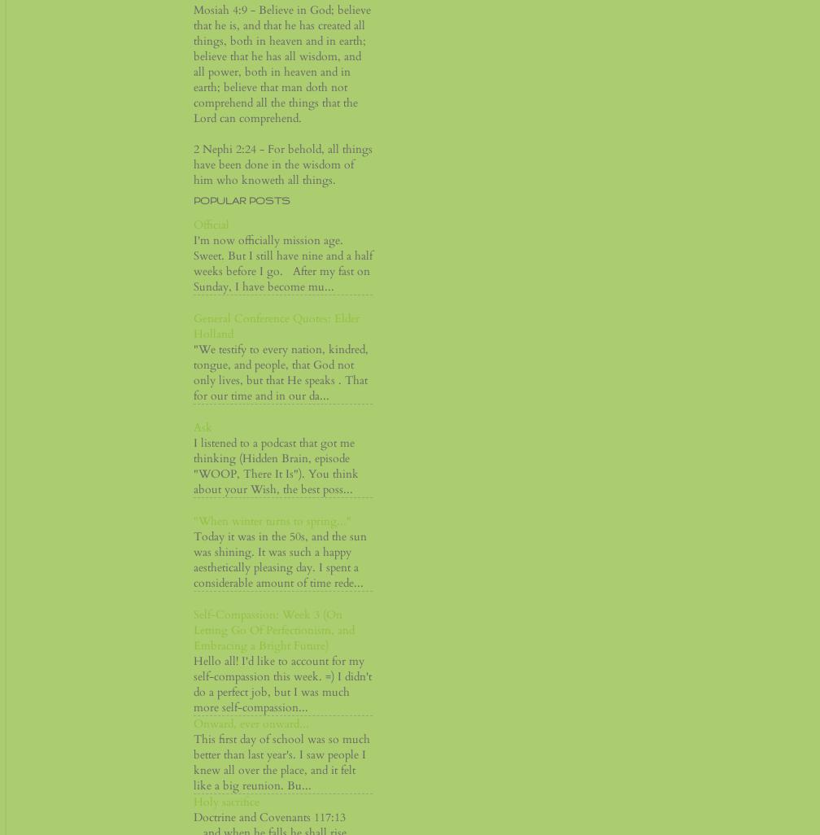 This screenshot has height=835, width=820. I want to click on 'Mosiah 4:9 - Believe in God; believe that he is, and that he has created all things, both in heaven and in earth; believe that he has all wisdom, and all power, both in heaven and in earth; believe that man doth not comprehend all the things that the Lord can comprehend.', so click(281, 63).